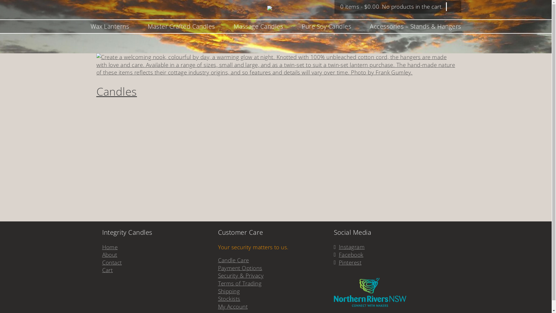 The height and width of the screenshot is (313, 556). I want to click on 'Wax Lanterns', so click(110, 26).